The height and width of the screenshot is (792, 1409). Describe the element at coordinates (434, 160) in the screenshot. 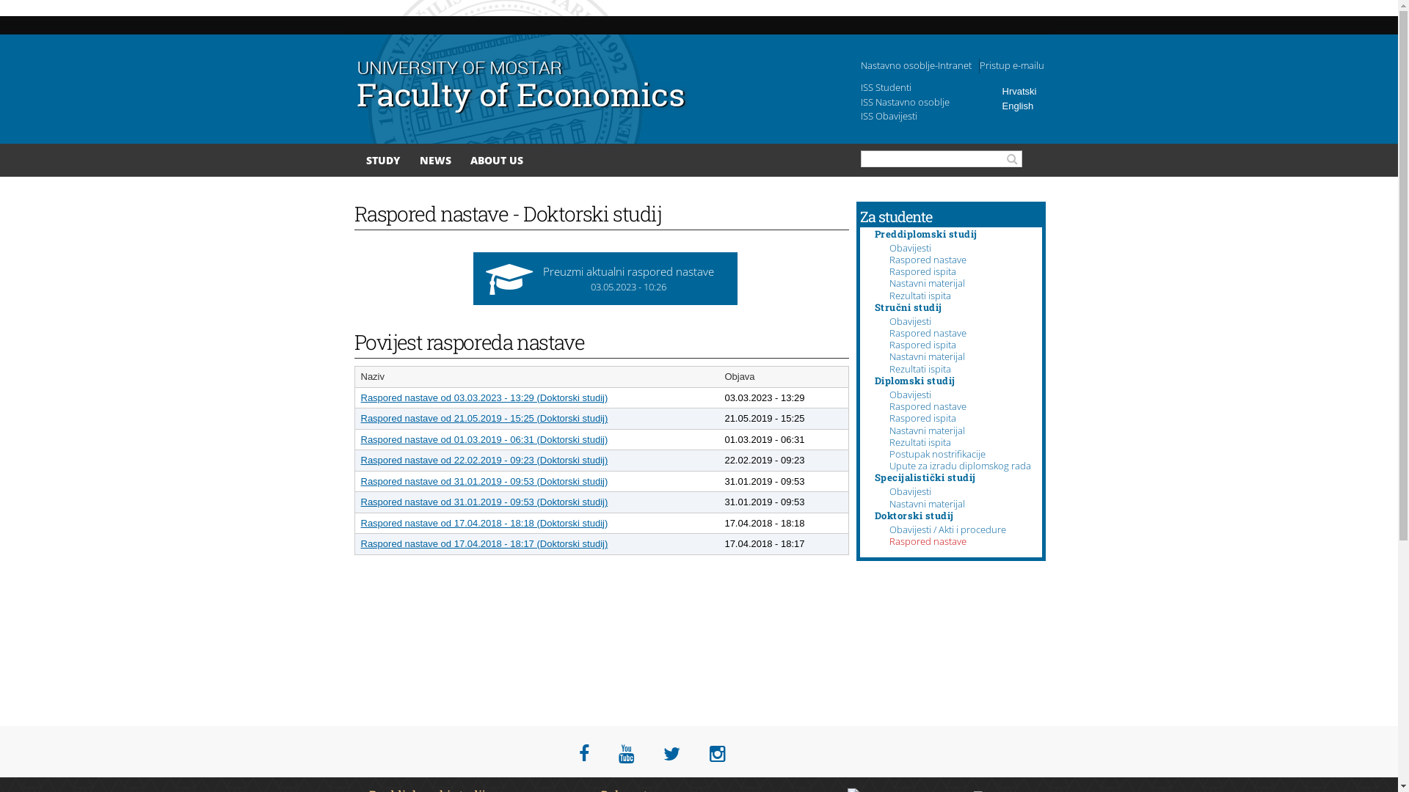

I see `'NEWS'` at that location.